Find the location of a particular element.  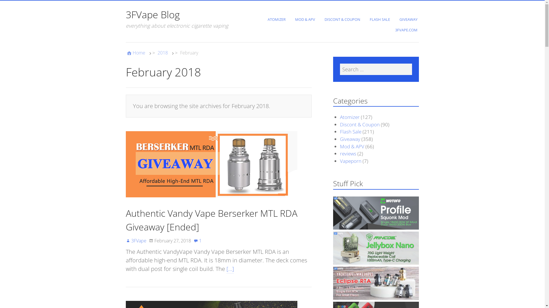

'MOD & APV' is located at coordinates (305, 19).